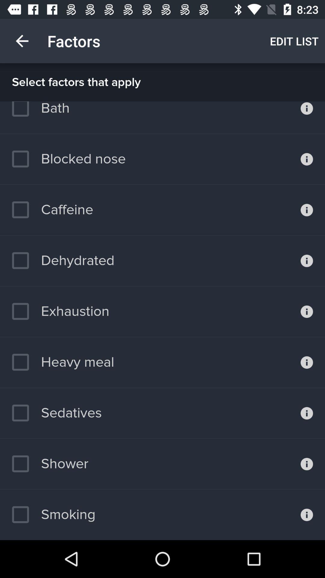  Describe the element at coordinates (307, 261) in the screenshot. I see `information` at that location.